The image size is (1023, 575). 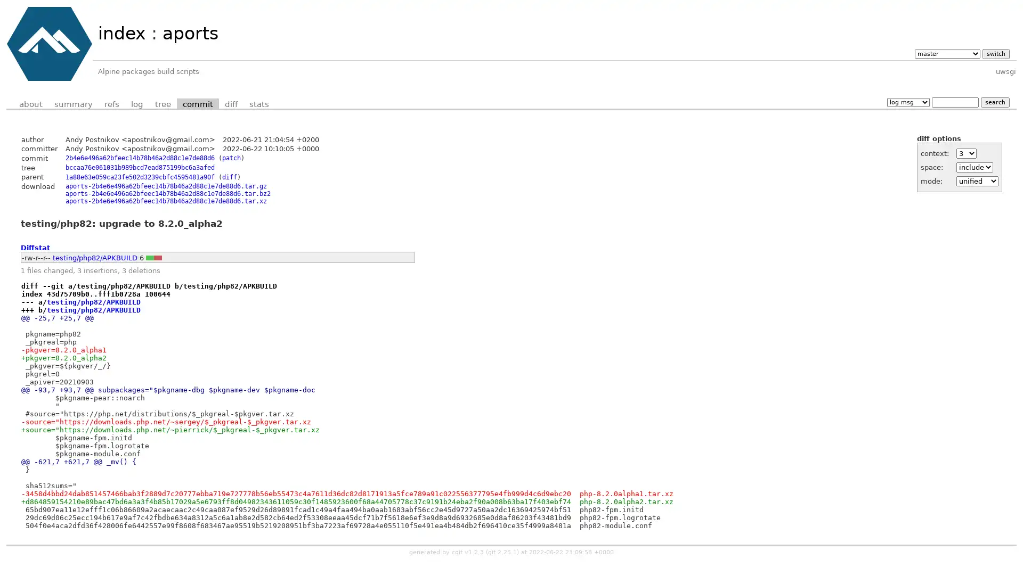 What do you see at coordinates (995, 53) in the screenshot?
I see `switch` at bounding box center [995, 53].